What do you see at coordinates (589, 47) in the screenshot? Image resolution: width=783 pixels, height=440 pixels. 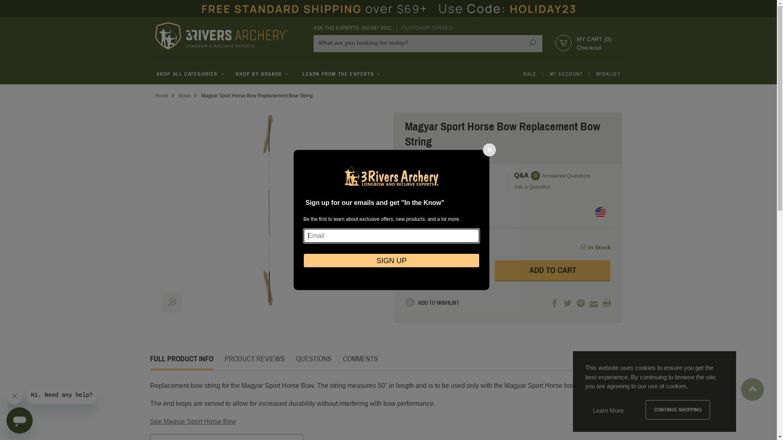 I see `'Checkout'` at bounding box center [589, 47].